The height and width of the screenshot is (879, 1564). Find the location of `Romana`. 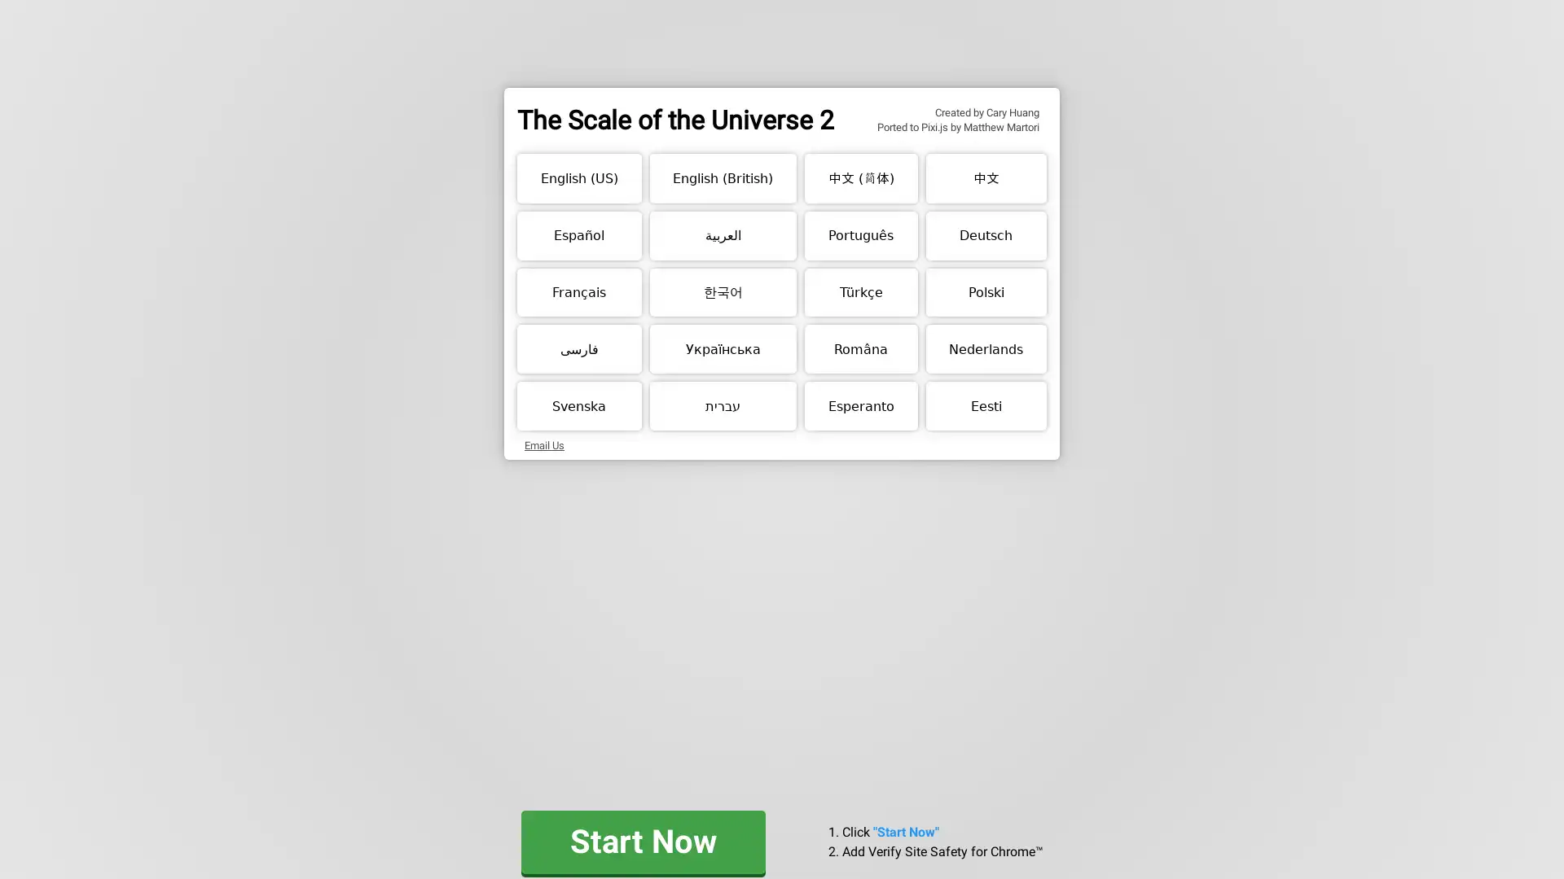

Romana is located at coordinates (859, 348).